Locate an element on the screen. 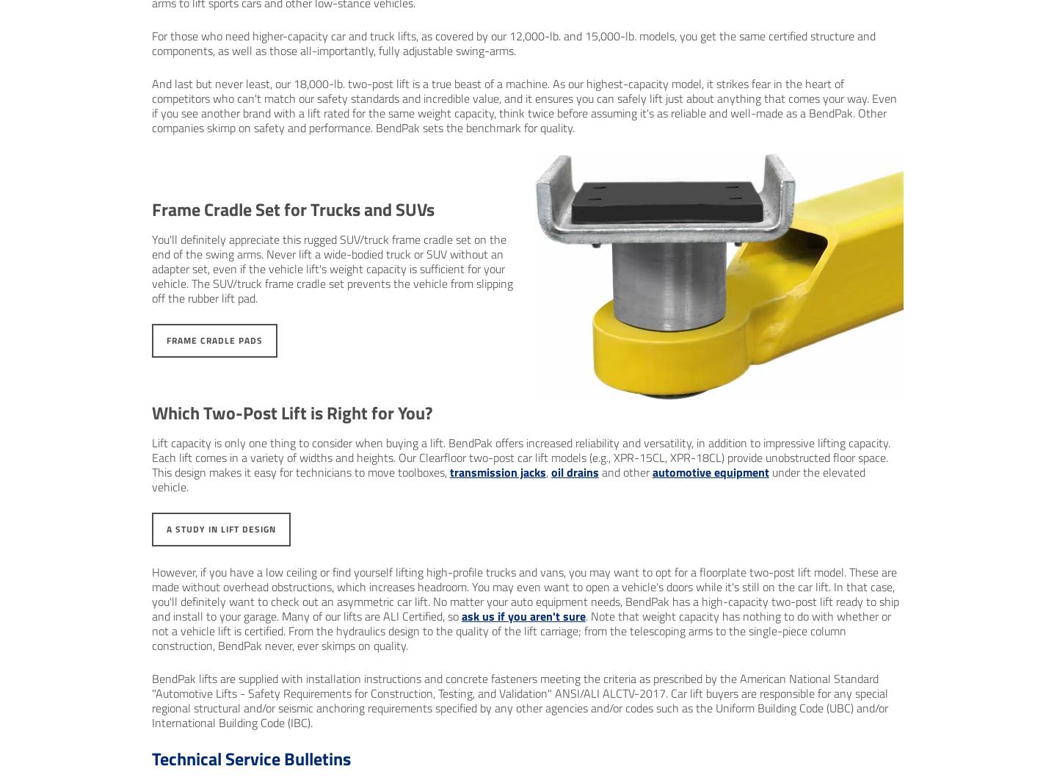 The image size is (1057, 780). '. Note that weight capacity has nothing to do with whether or not a vehicle lift is certified. From the hydraulics design to the quality of the lift carriage; from the telescoping arms to the single-piece column construction, BendPak never, ever skimps on quality.' is located at coordinates (520, 630).